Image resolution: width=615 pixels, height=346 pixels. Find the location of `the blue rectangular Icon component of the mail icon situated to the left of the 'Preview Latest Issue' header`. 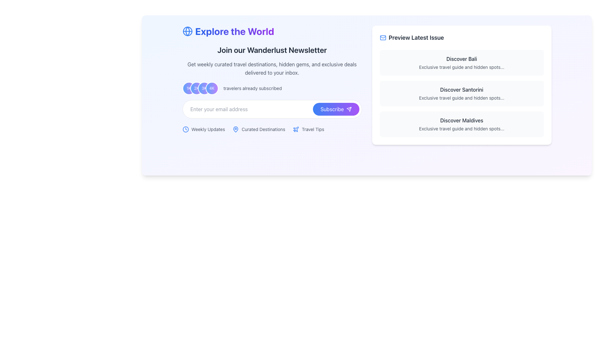

the blue rectangular Icon component of the mail icon situated to the left of the 'Preview Latest Issue' header is located at coordinates (383, 38).